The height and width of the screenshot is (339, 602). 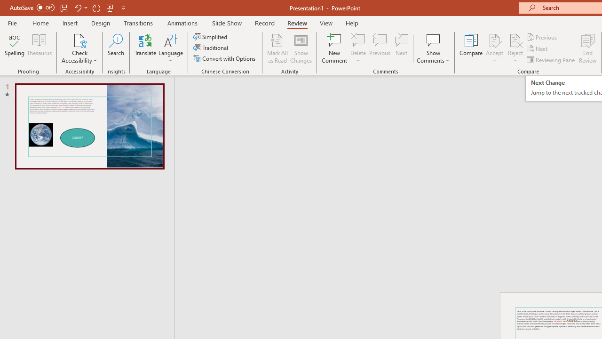 What do you see at coordinates (494, 48) in the screenshot?
I see `'Accept'` at bounding box center [494, 48].